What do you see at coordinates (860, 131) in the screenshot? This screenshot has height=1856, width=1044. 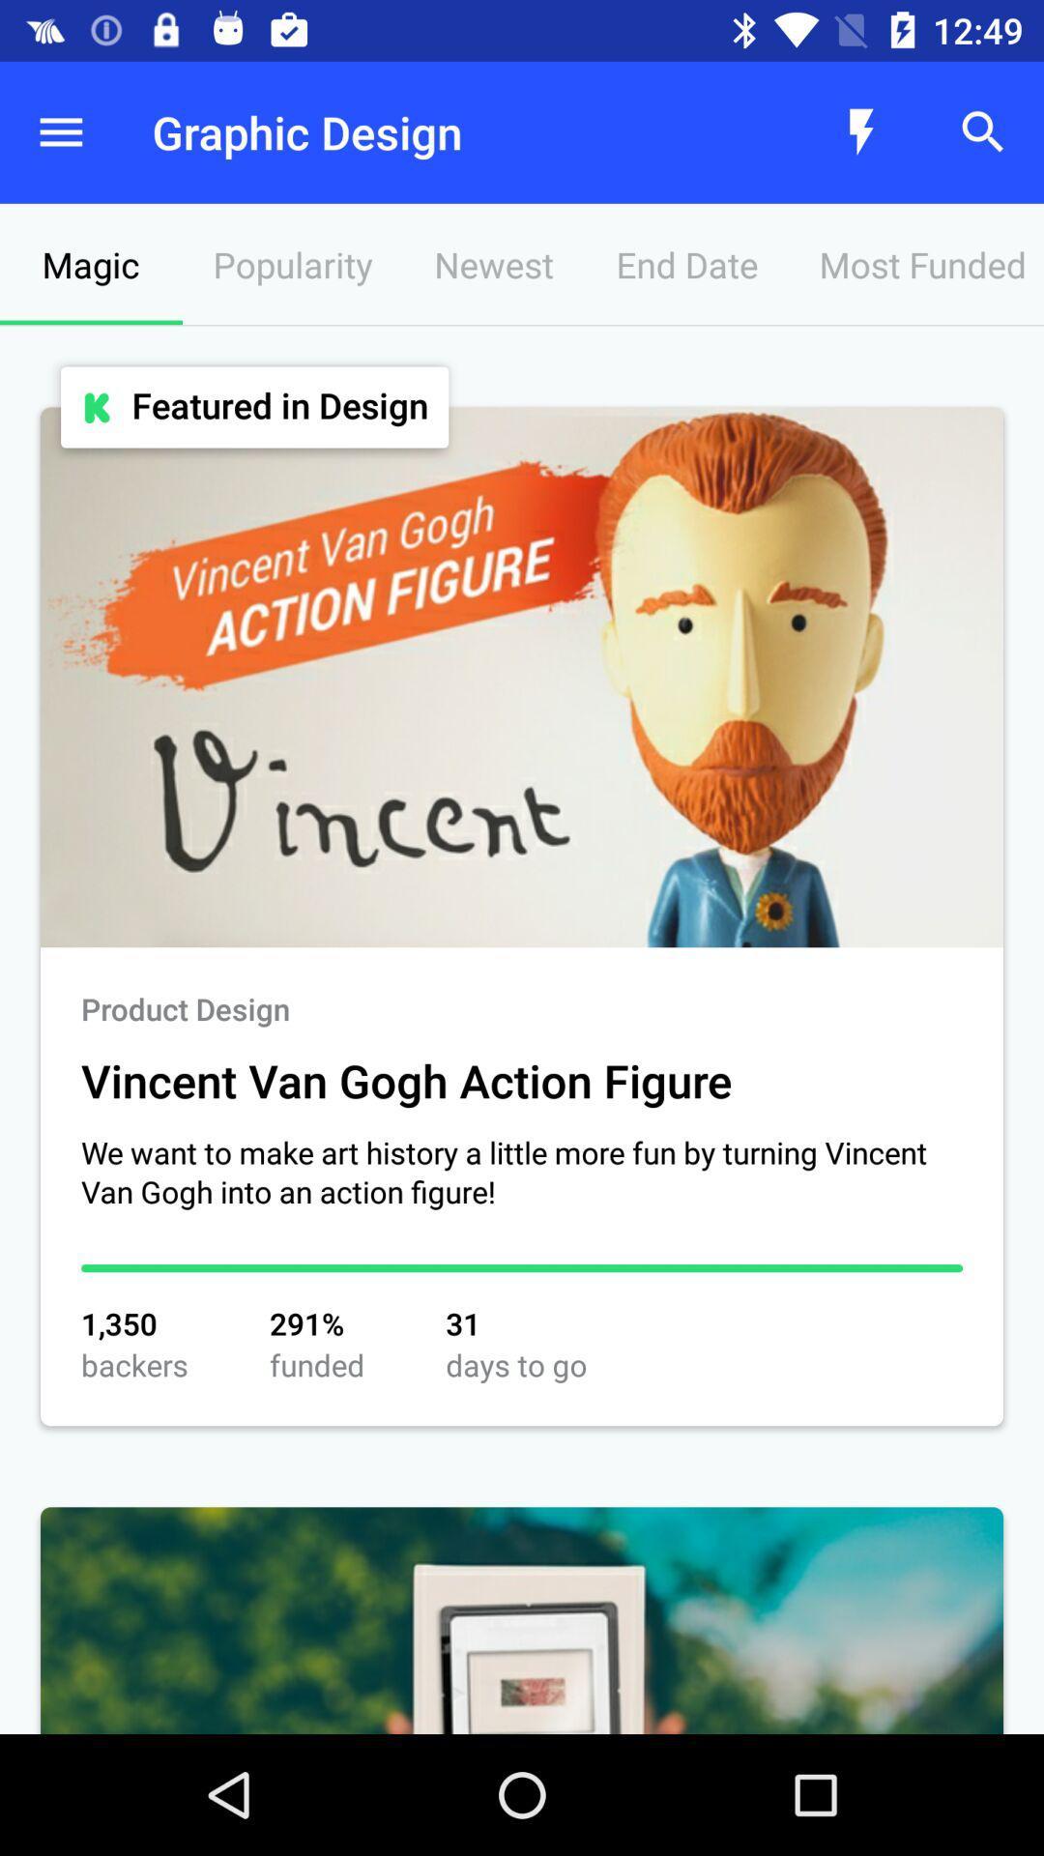 I see `item above most funded icon` at bounding box center [860, 131].